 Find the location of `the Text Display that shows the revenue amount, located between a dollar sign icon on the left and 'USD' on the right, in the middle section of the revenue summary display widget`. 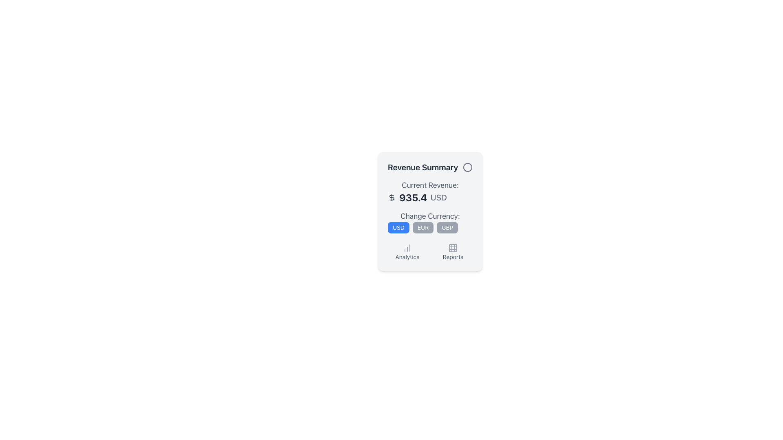

the Text Display that shows the revenue amount, located between a dollar sign icon on the left and 'USD' on the right, in the middle section of the revenue summary display widget is located at coordinates (413, 198).